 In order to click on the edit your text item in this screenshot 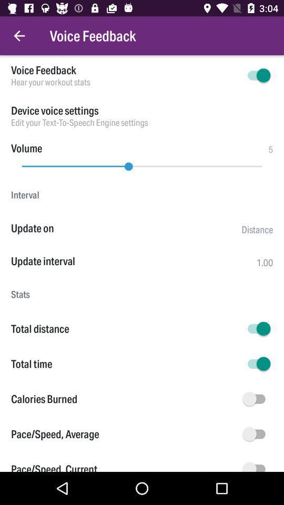, I will do `click(142, 123)`.